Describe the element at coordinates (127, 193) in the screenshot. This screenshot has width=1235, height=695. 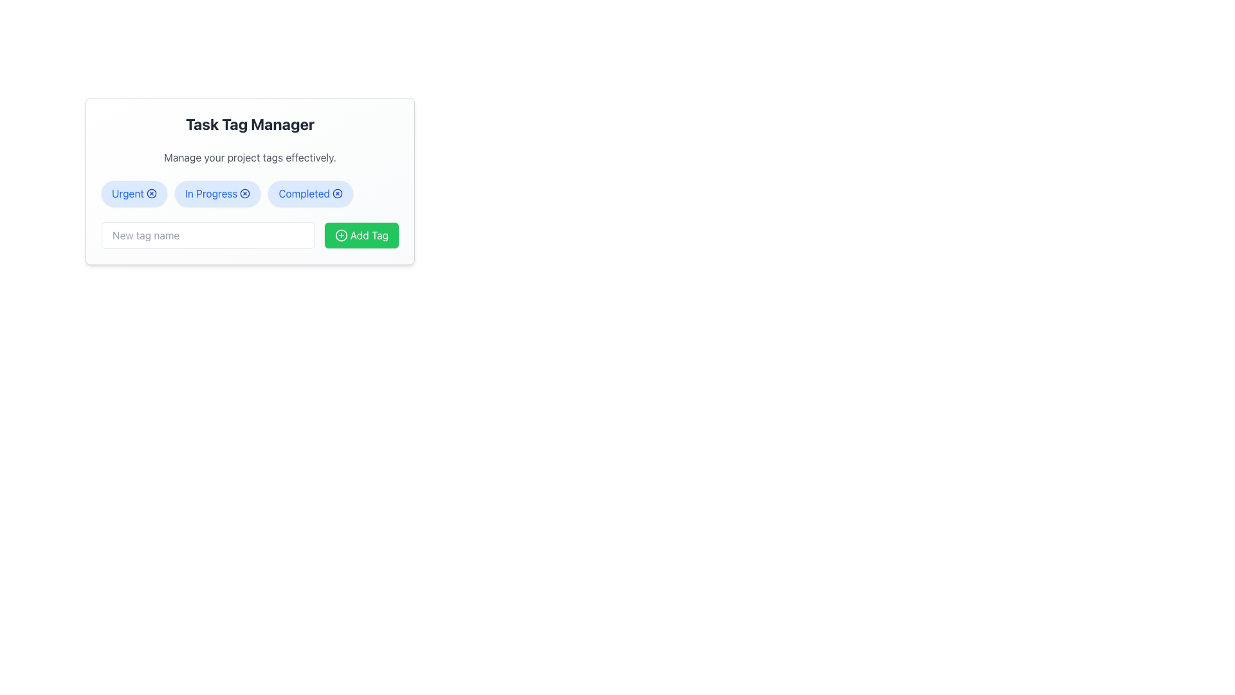
I see `the 'Urgent' text label within the Tag Component, which is part of a rounded rectangular badge with a light blue background` at that location.